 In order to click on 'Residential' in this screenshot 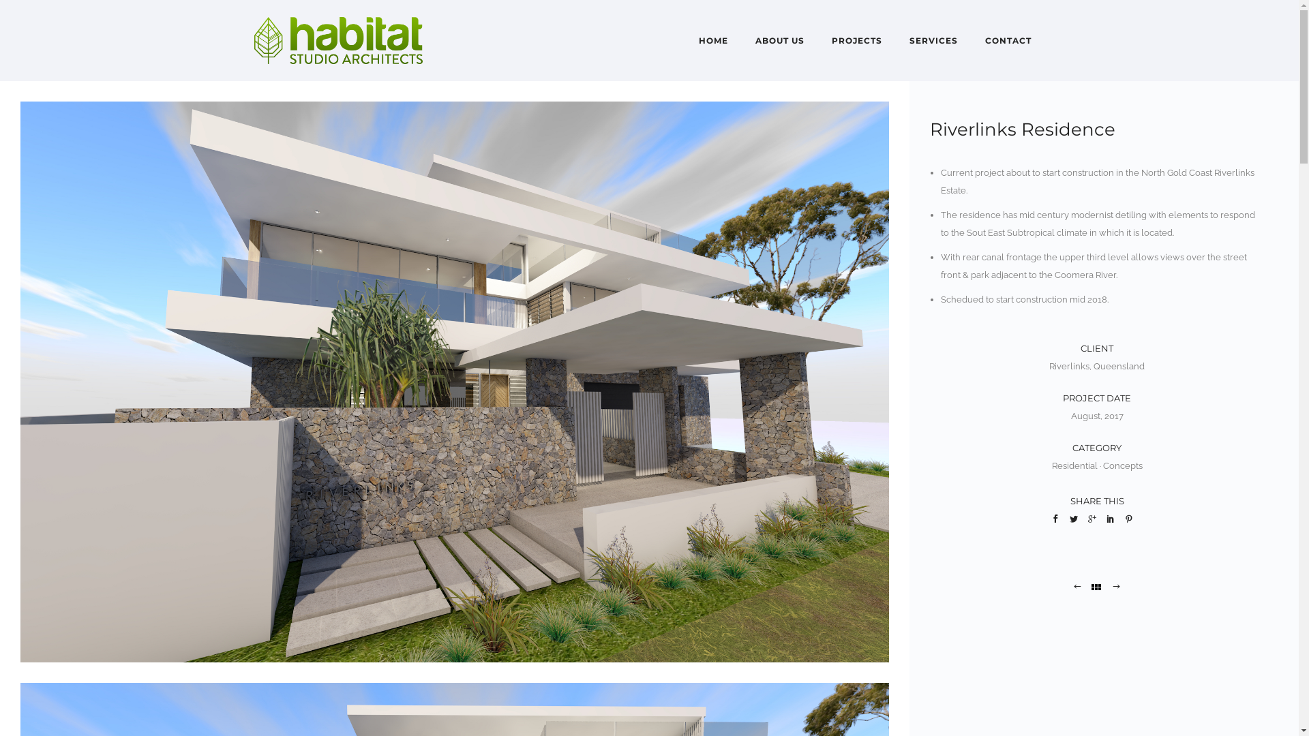, I will do `click(1074, 465)`.